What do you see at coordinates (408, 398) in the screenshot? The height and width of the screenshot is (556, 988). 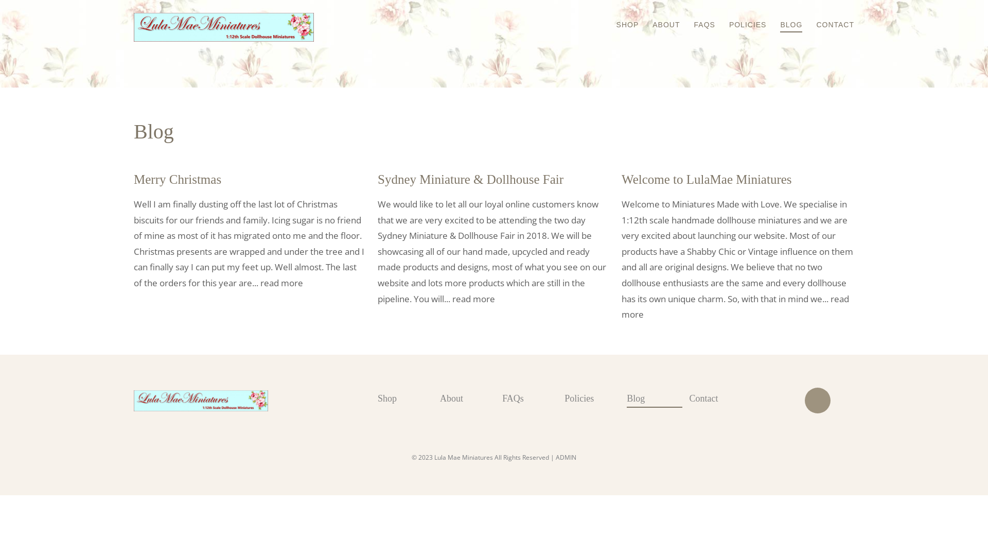 I see `'Shop'` at bounding box center [408, 398].